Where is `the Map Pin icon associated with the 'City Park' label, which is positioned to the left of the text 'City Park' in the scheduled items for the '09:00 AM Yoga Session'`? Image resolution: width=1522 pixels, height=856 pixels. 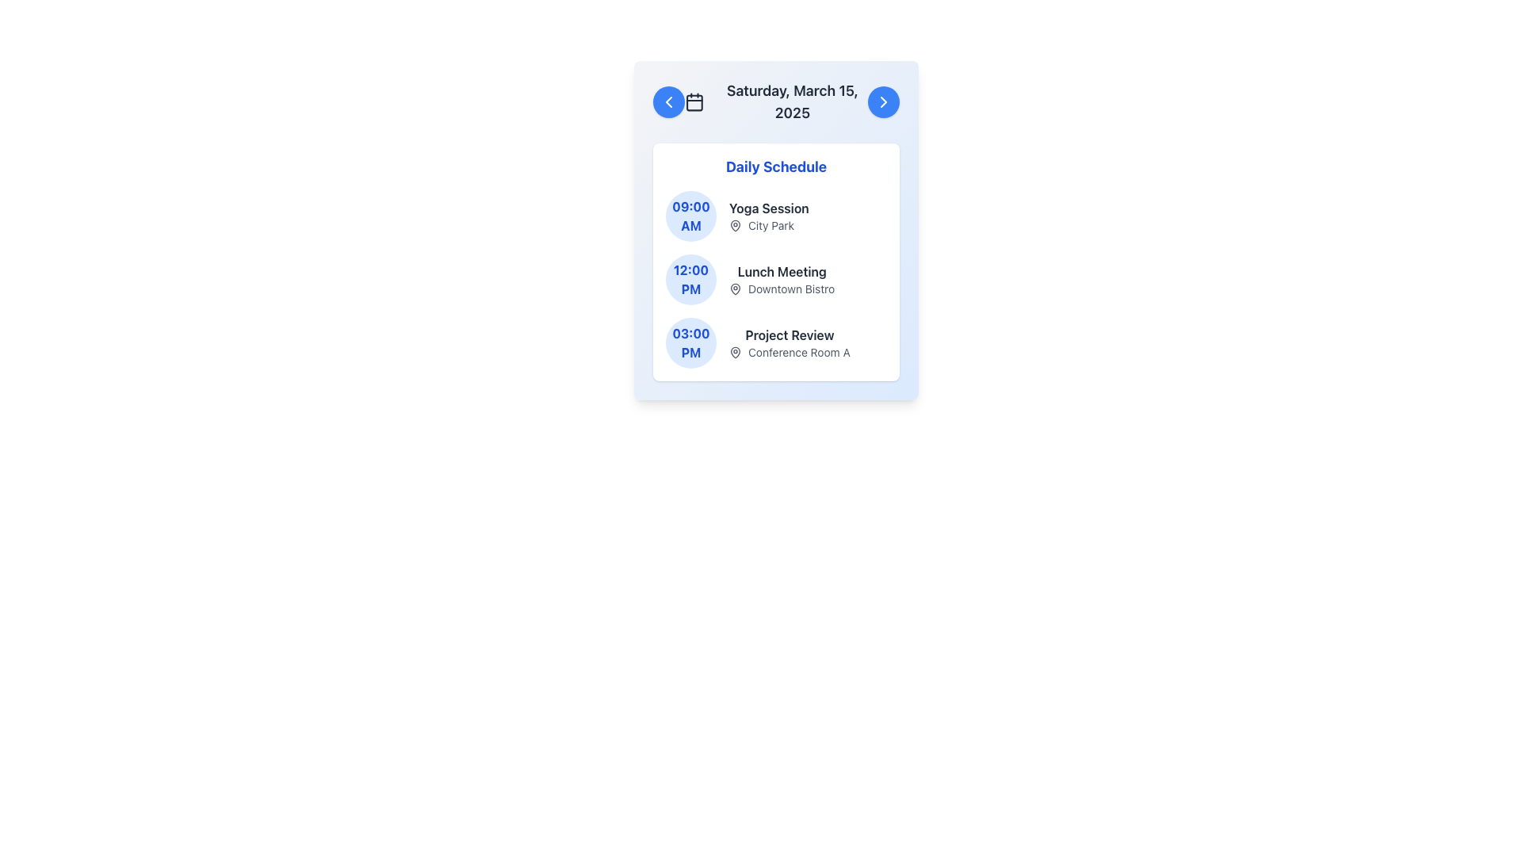
the Map Pin icon associated with the 'City Park' label, which is positioned to the left of the text 'City Park' in the scheduled items for the '09:00 AM Yoga Session' is located at coordinates (734, 226).